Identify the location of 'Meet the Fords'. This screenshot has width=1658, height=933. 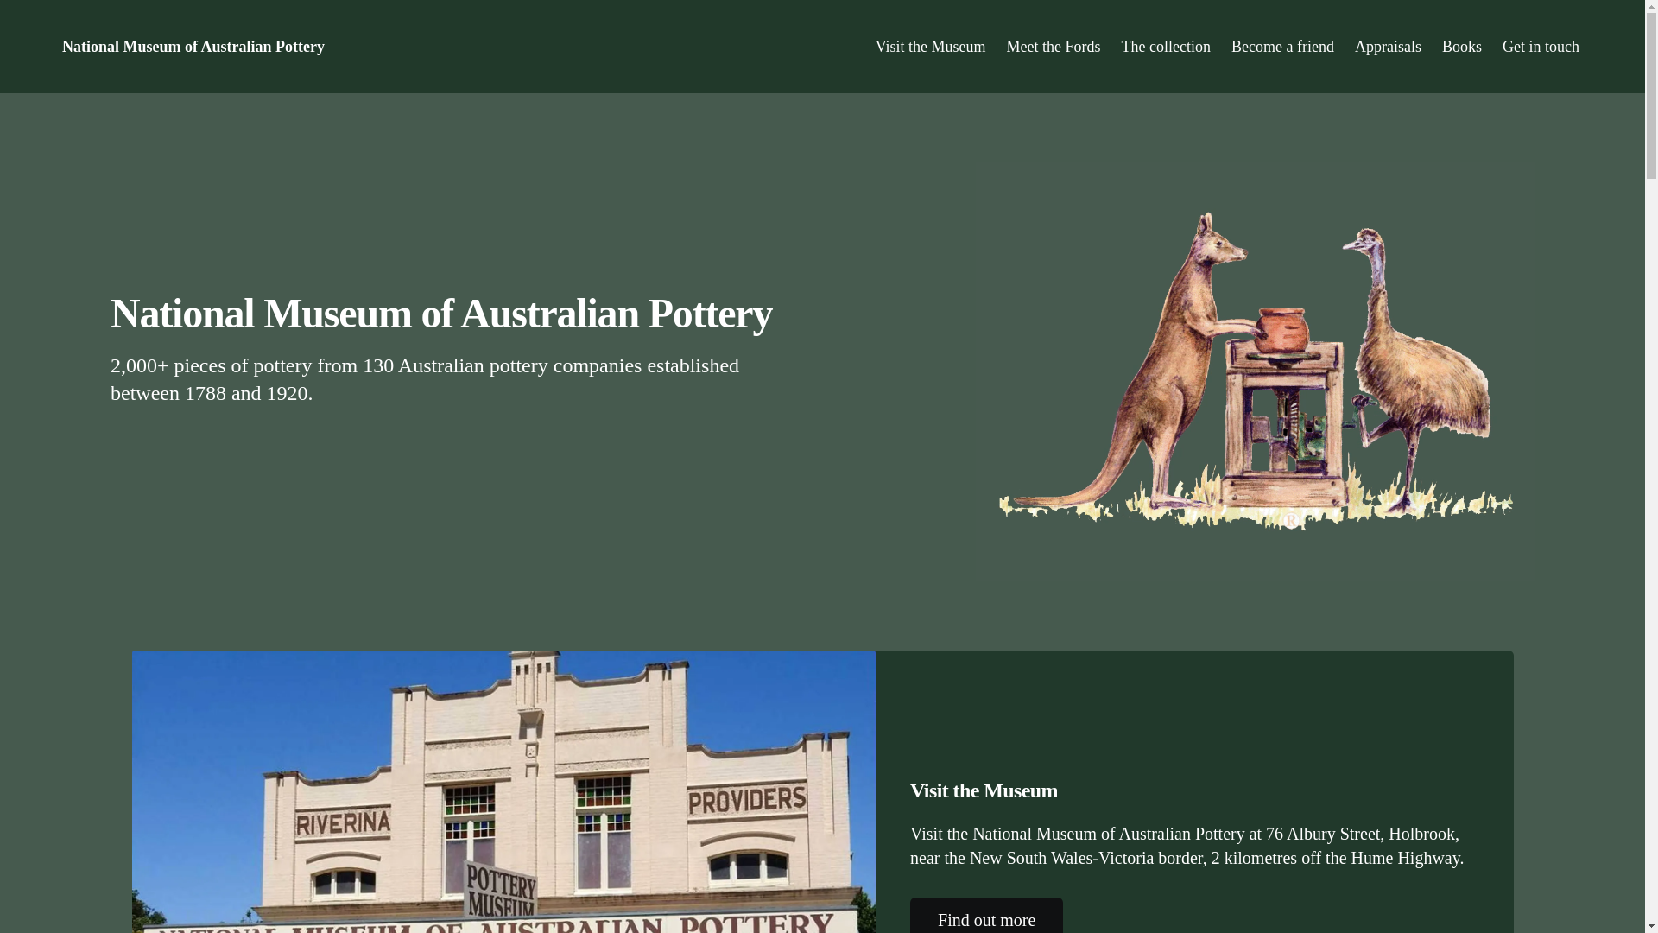
(1053, 46).